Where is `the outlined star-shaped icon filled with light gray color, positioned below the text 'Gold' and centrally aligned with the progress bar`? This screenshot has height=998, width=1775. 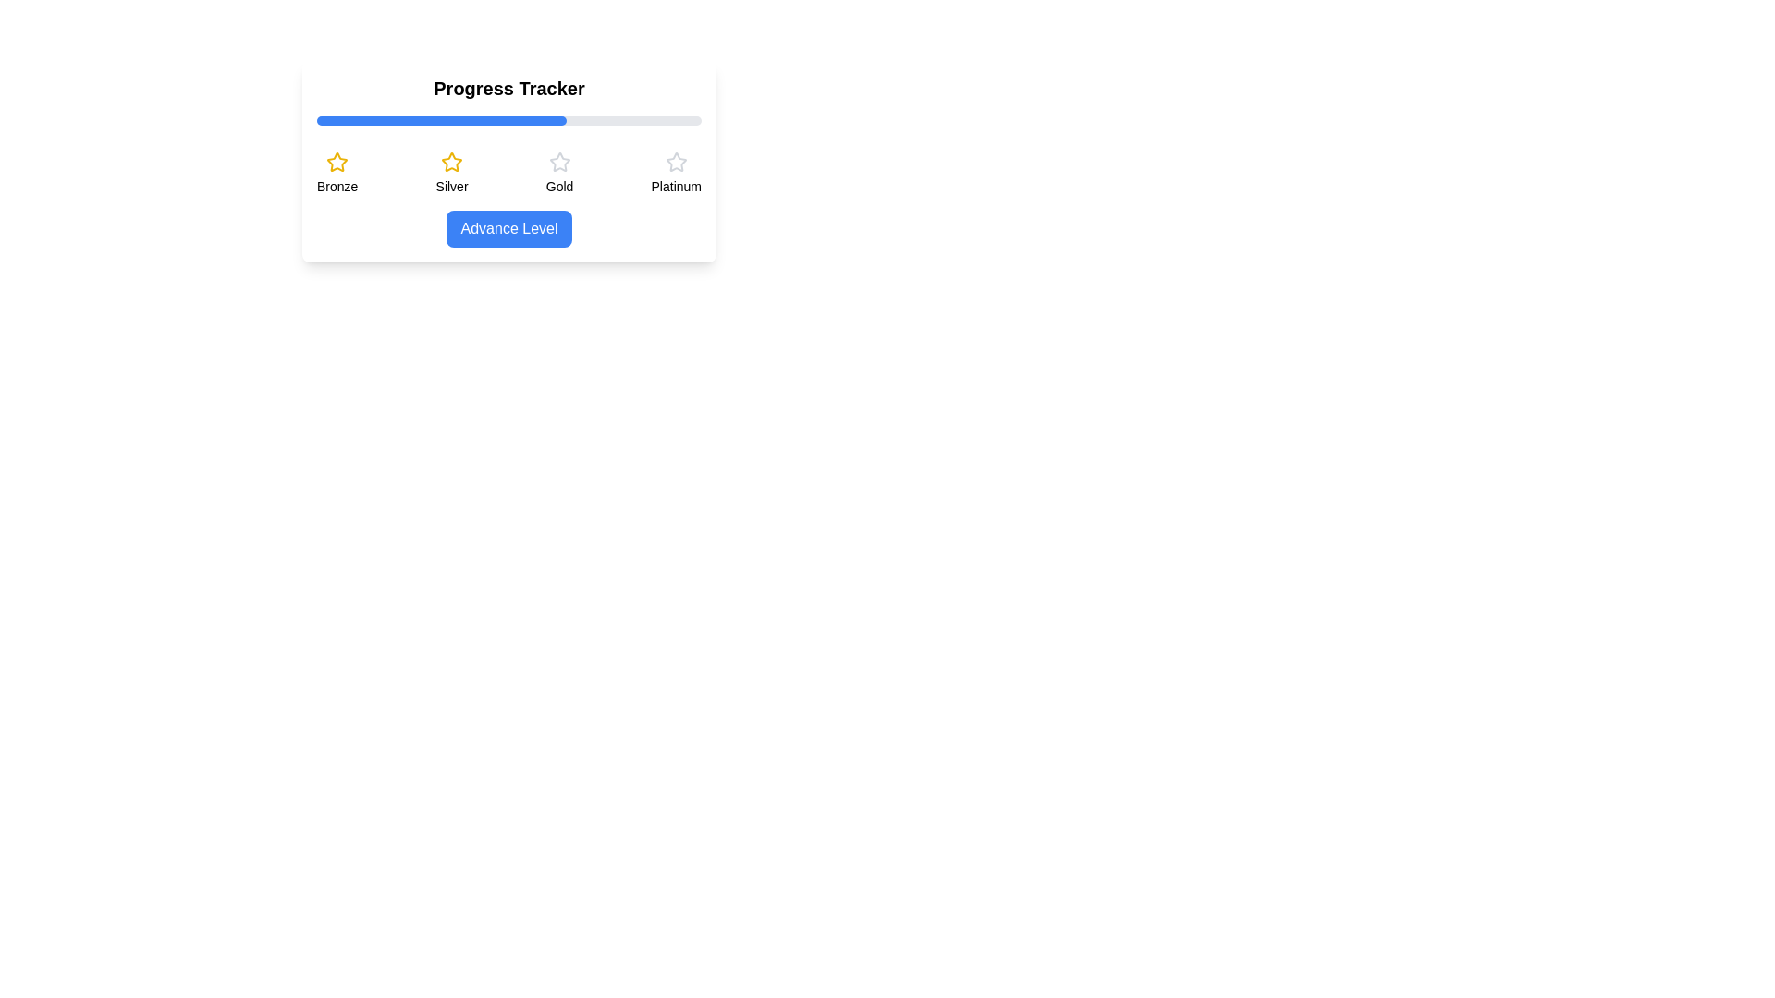 the outlined star-shaped icon filled with light gray color, positioned below the text 'Gold' and centrally aligned with the progress bar is located at coordinates (558, 161).